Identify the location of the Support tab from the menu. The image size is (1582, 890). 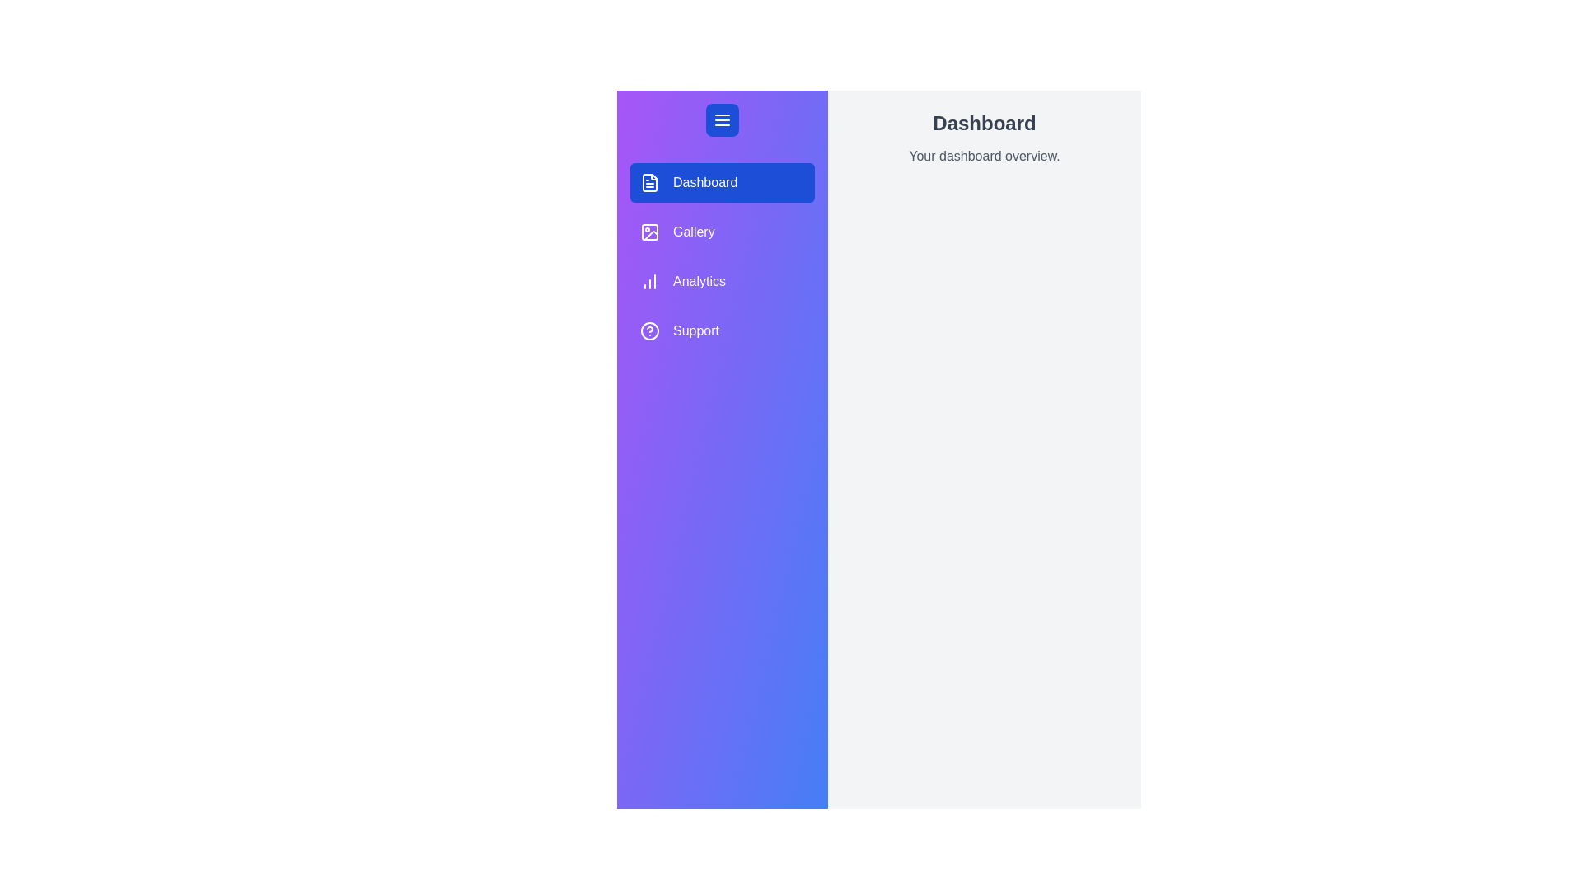
(723, 330).